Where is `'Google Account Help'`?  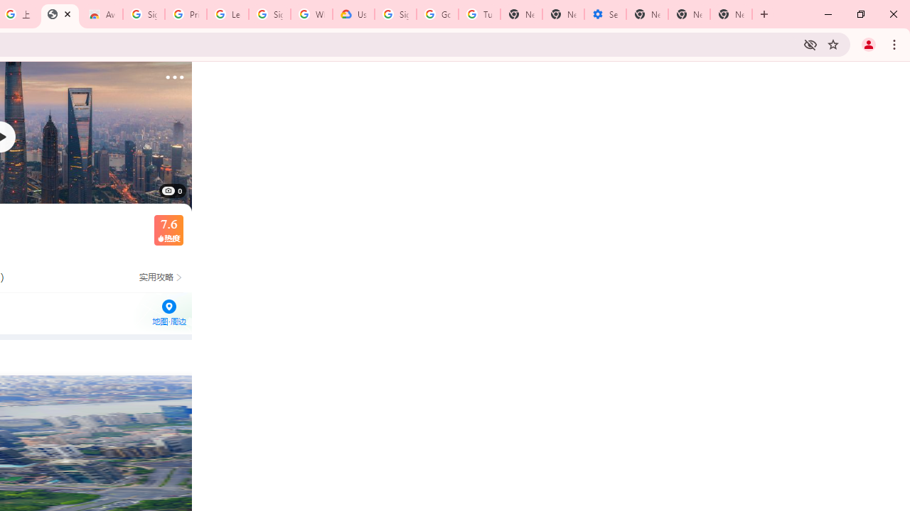 'Google Account Help' is located at coordinates (437, 14).